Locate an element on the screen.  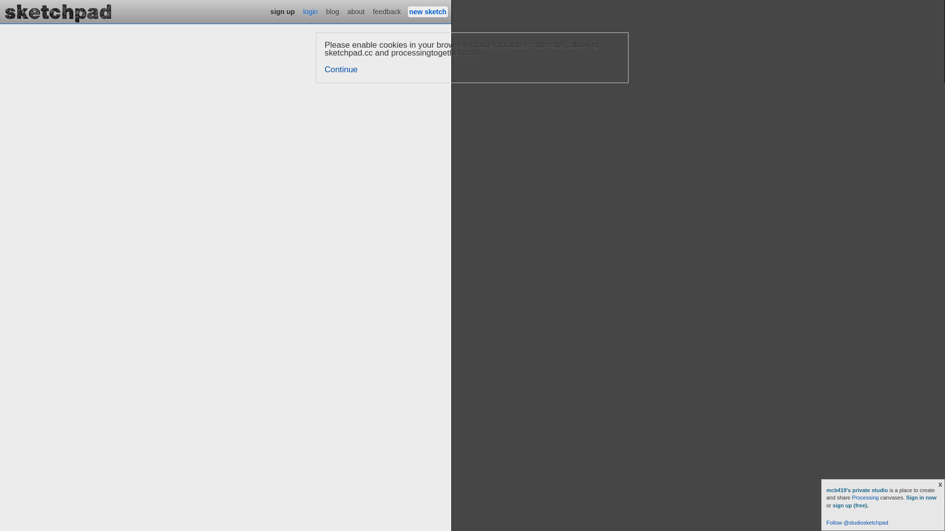
'Studio Sketchpad is Processing on Etherpad' is located at coordinates (0, 11).